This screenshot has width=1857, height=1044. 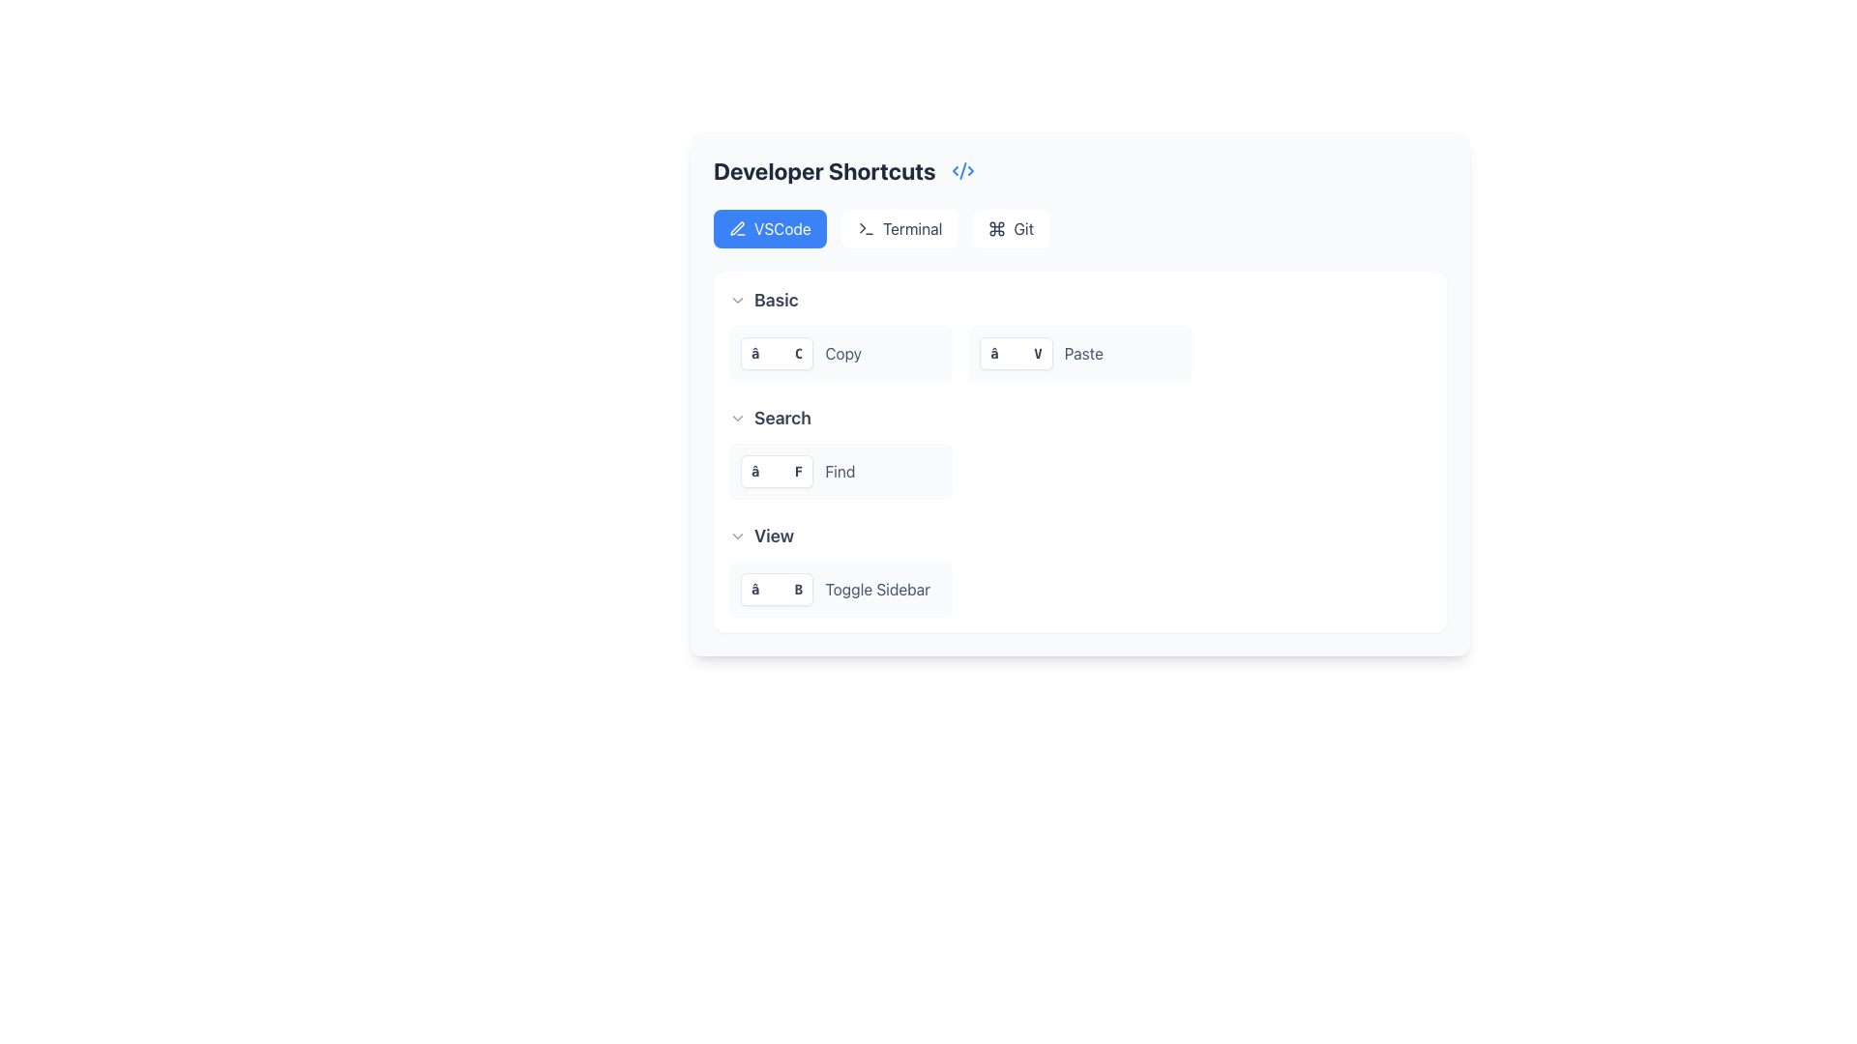 I want to click on the rectangular button with a rounded border and light gray background labeled 'Copy', which is the first button in the 'Basic' category of the 'Developer Shortcuts' panel, so click(x=840, y=354).